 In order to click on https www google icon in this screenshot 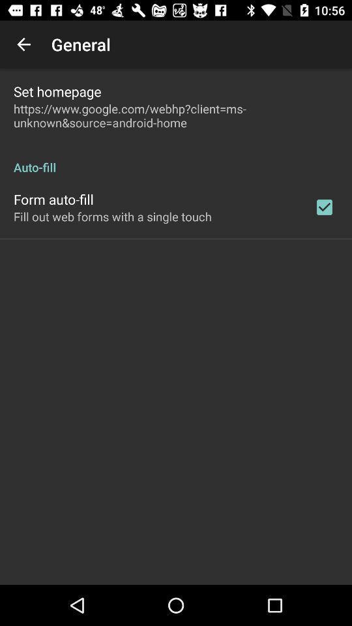, I will do `click(176, 115)`.